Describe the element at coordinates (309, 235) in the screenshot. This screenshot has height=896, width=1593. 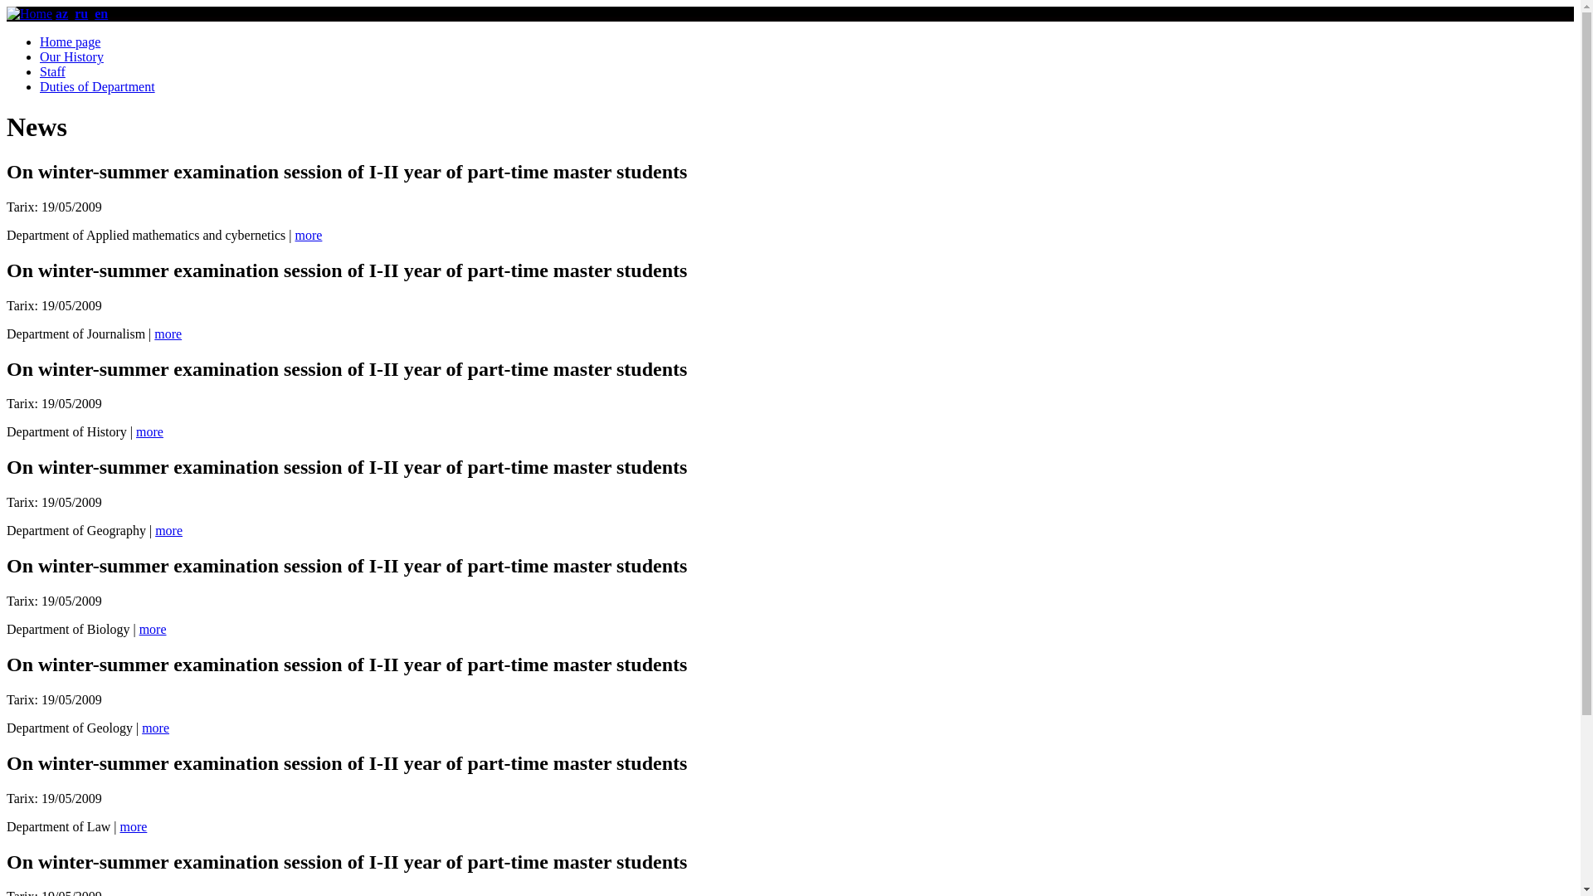
I see `'more'` at that location.